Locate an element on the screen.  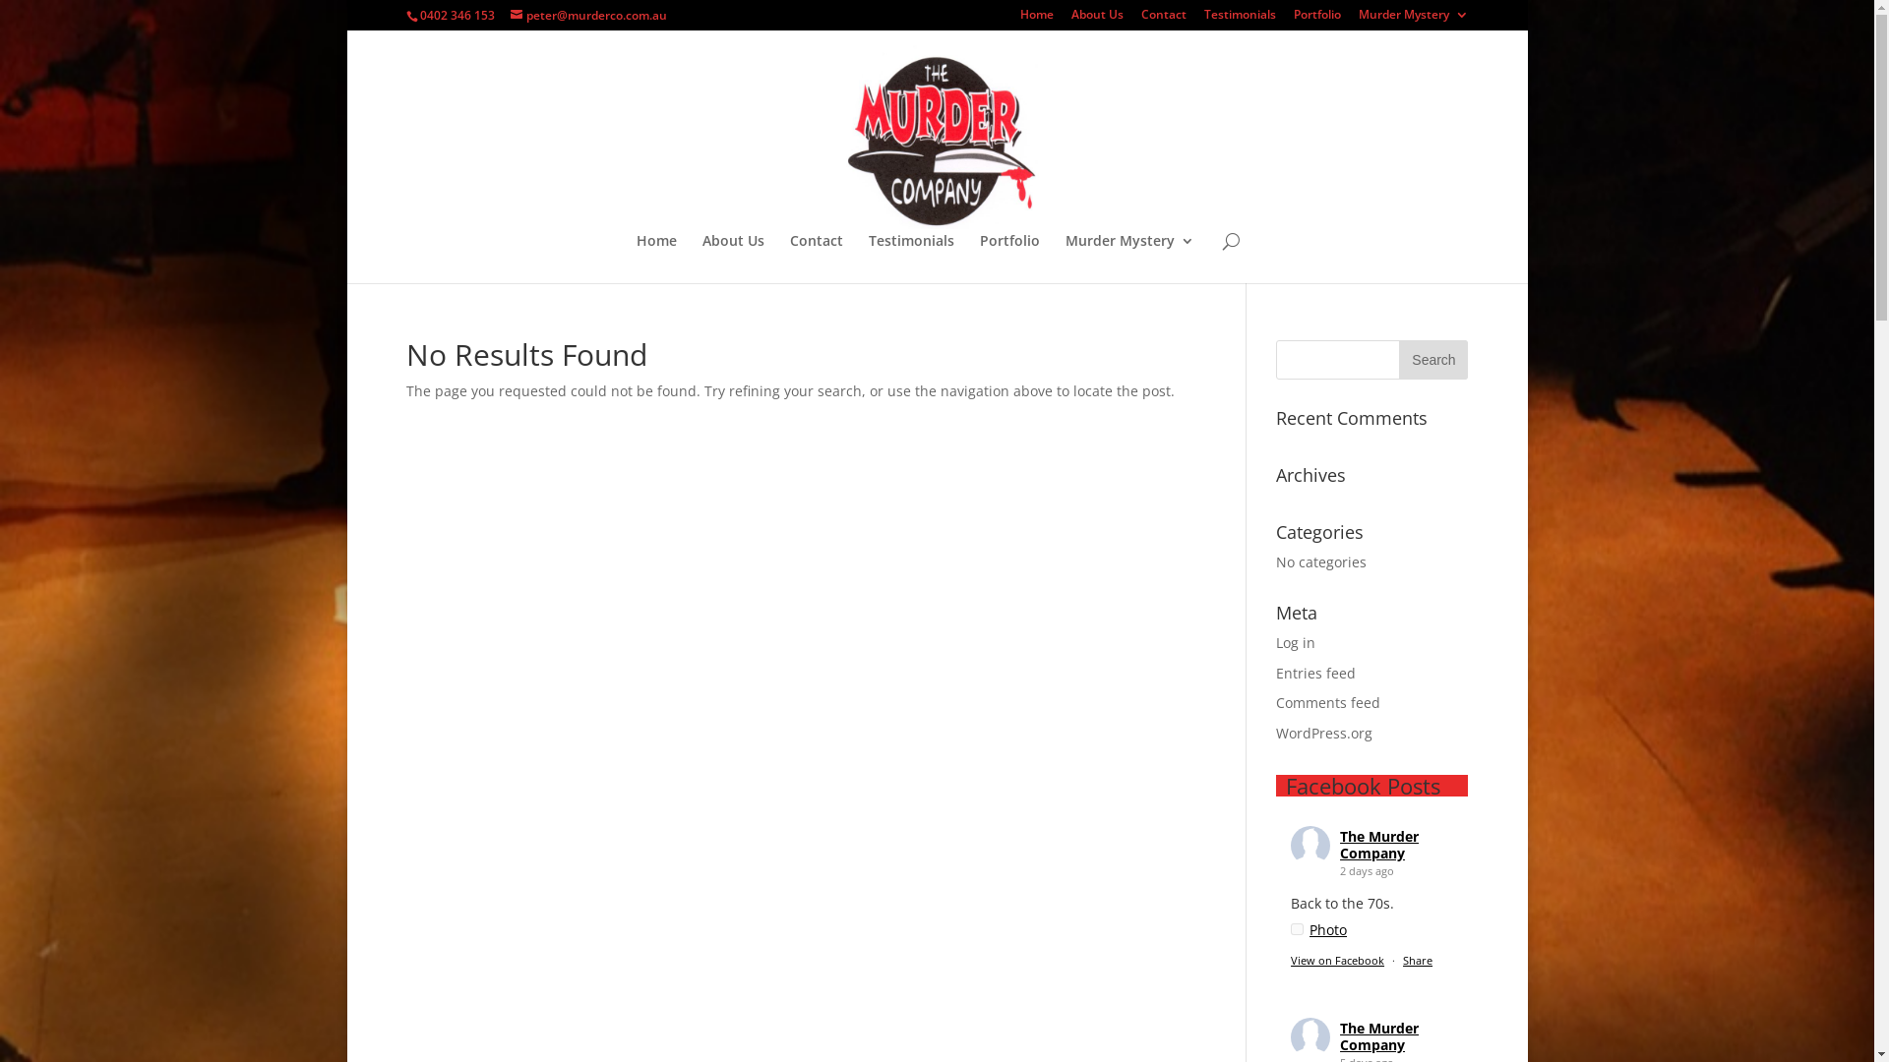
'Photo' is located at coordinates (1318, 929).